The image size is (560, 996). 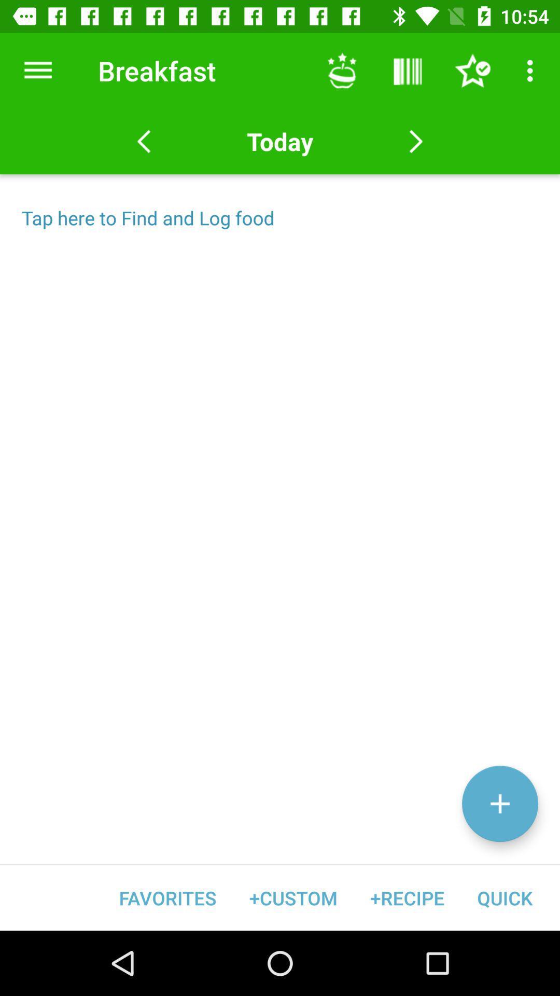 What do you see at coordinates (167, 897) in the screenshot?
I see `the favorites at the bottom left corner` at bounding box center [167, 897].